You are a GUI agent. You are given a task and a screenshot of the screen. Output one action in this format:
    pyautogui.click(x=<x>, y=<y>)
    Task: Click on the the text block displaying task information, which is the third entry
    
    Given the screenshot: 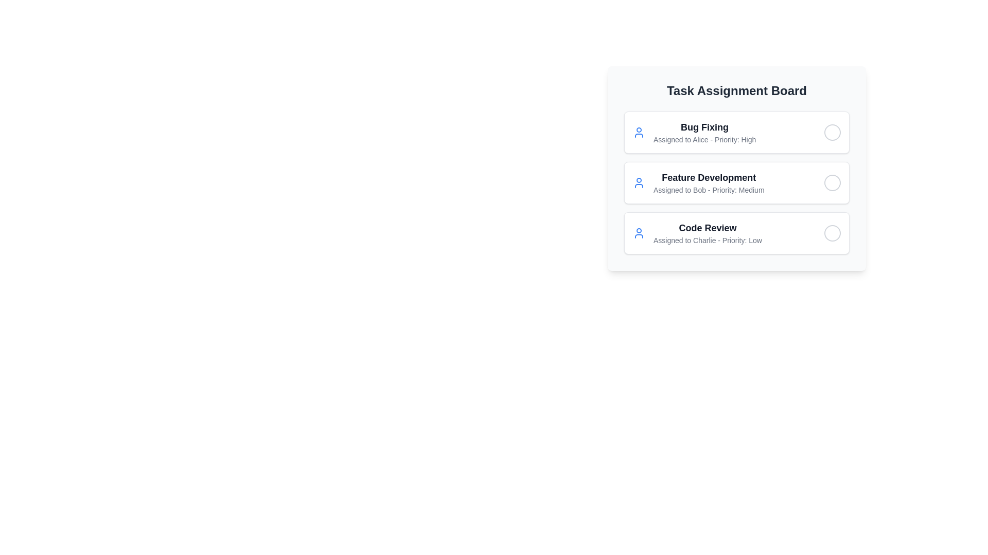 What is the action you would take?
    pyautogui.click(x=707, y=233)
    